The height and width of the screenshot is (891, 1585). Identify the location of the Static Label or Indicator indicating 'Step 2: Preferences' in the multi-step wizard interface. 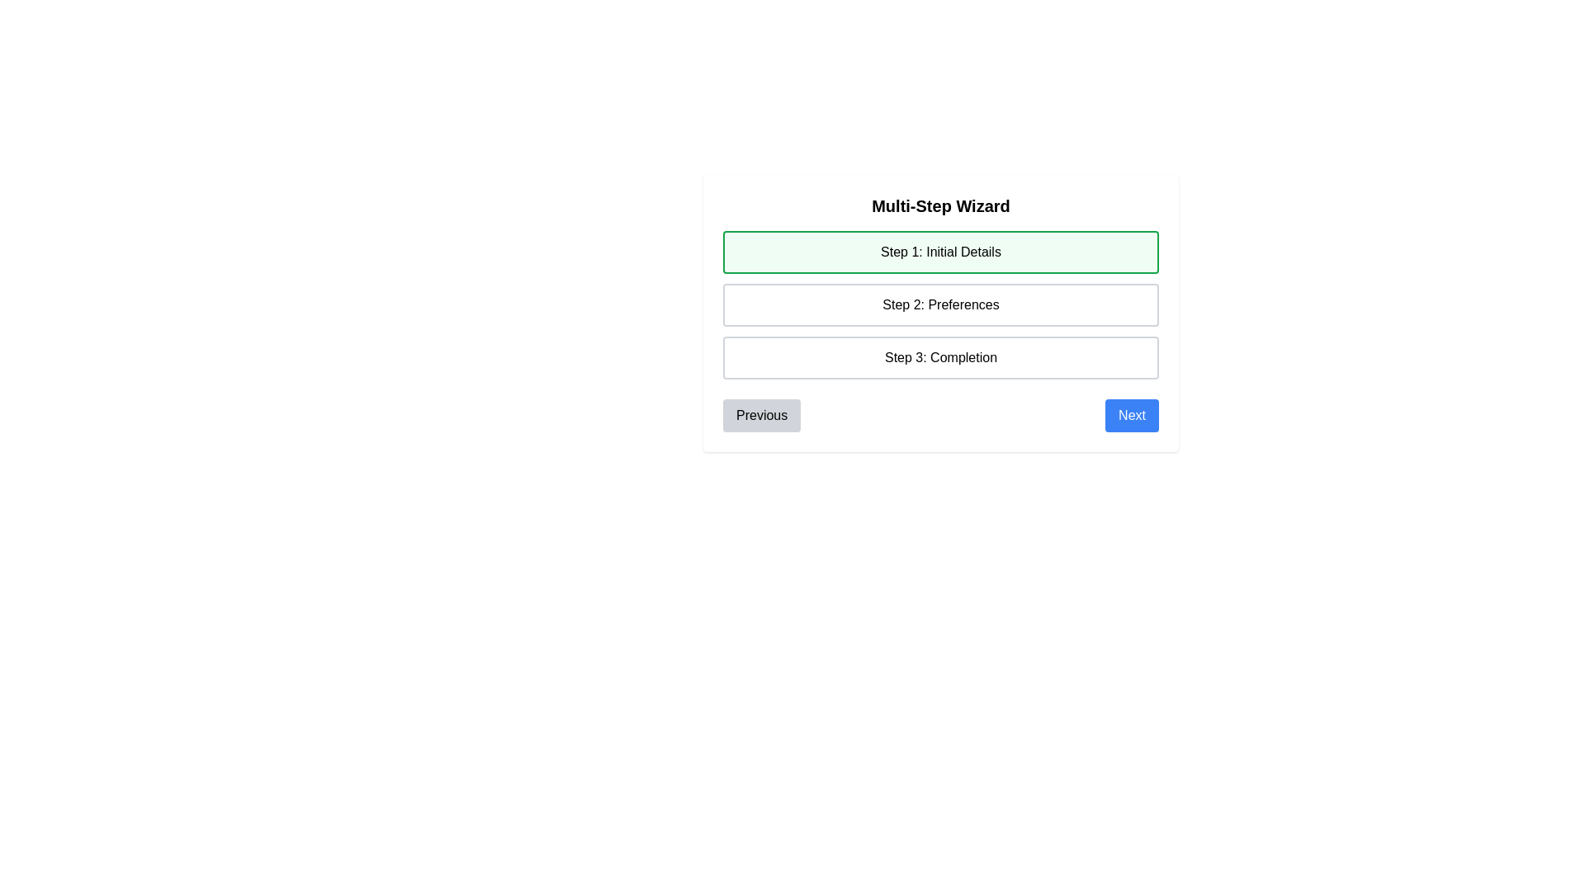
(941, 305).